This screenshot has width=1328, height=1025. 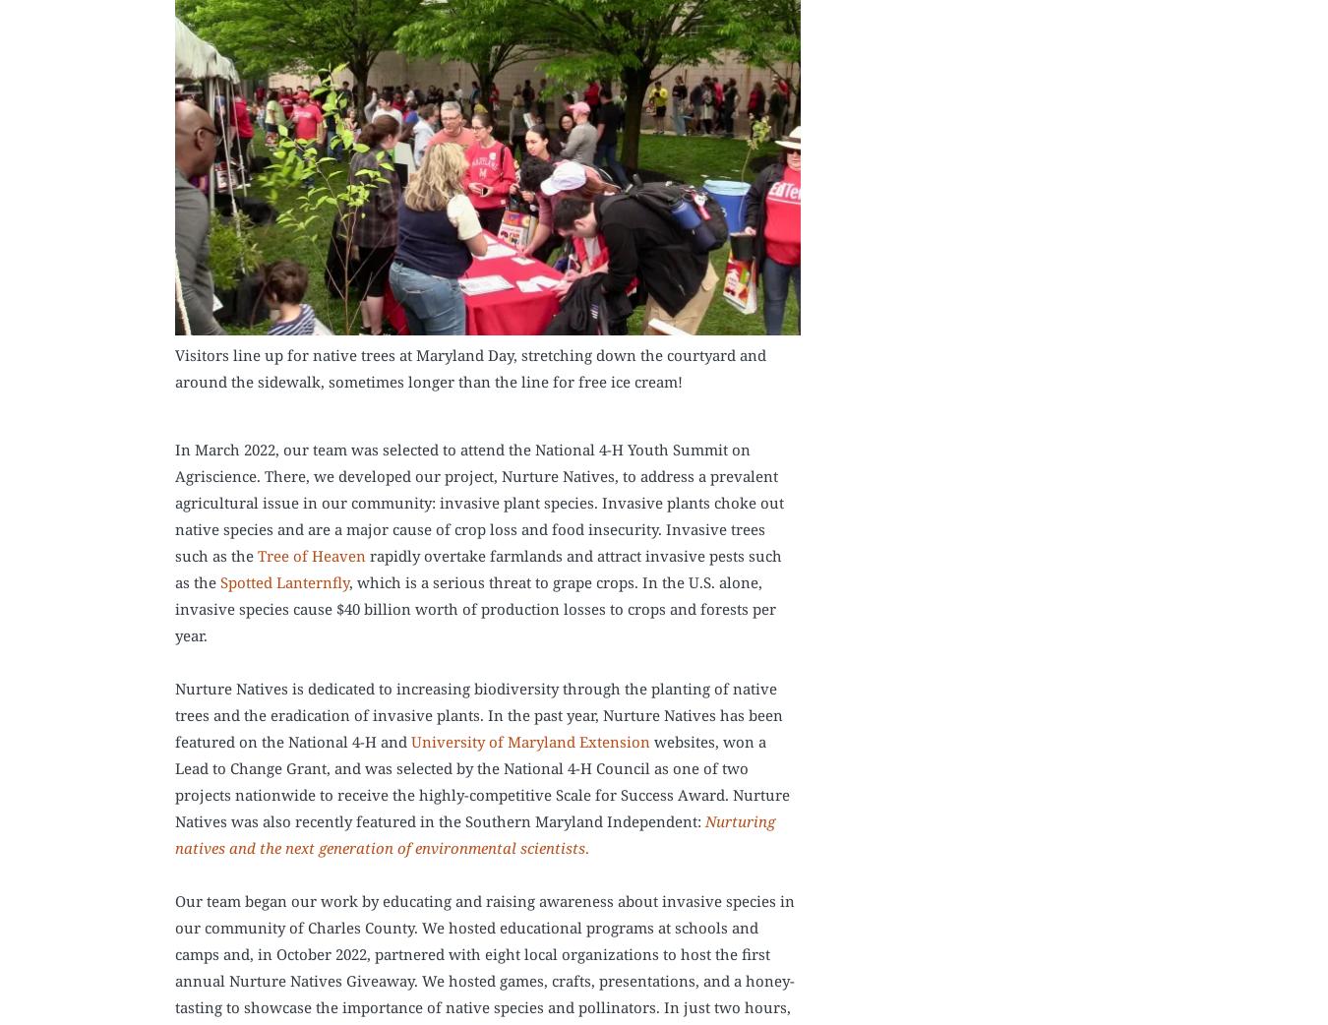 What do you see at coordinates (410, 740) in the screenshot?
I see `'University of Maryland Extension'` at bounding box center [410, 740].